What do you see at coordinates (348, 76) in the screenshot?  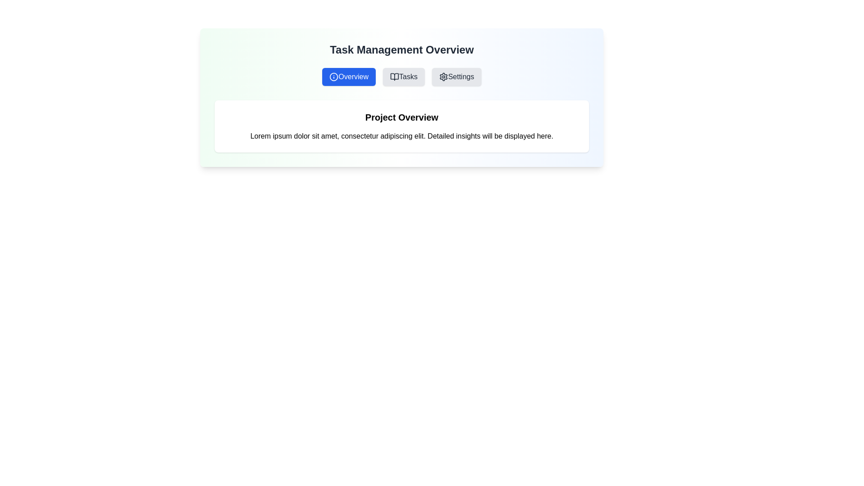 I see `the 'Overview' button with a blue background and white text for keyboard navigation` at bounding box center [348, 76].